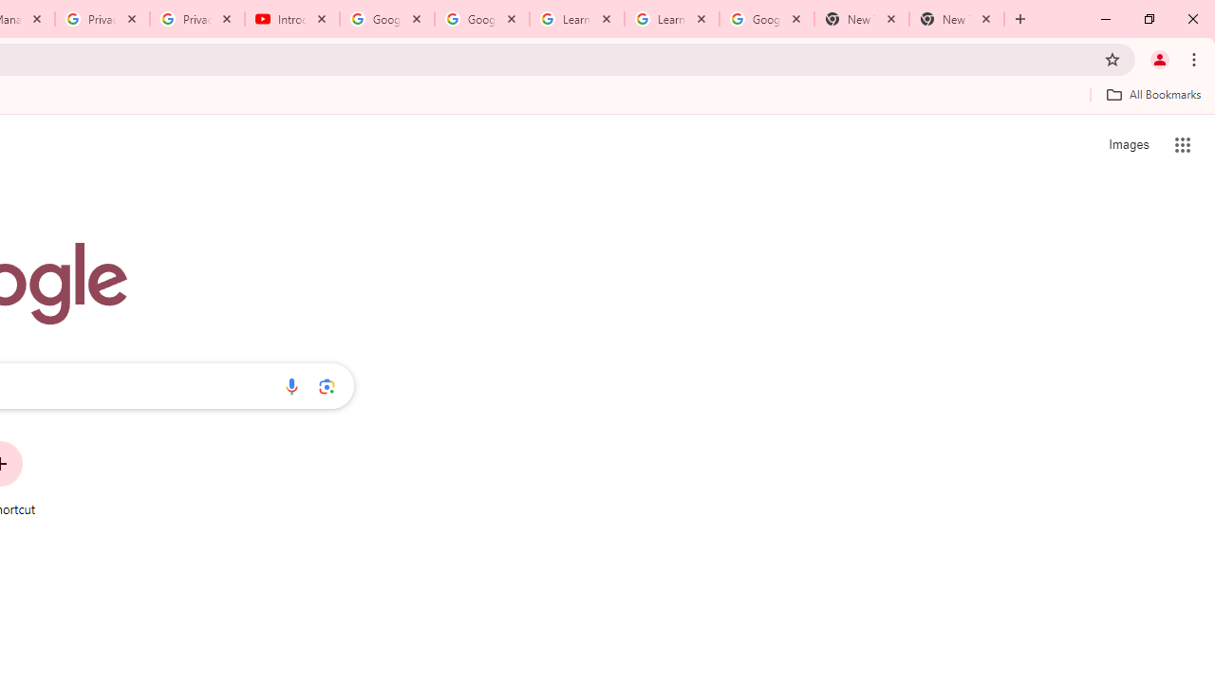 The image size is (1215, 683). Describe the element at coordinates (290, 385) in the screenshot. I see `'Search by voice'` at that location.